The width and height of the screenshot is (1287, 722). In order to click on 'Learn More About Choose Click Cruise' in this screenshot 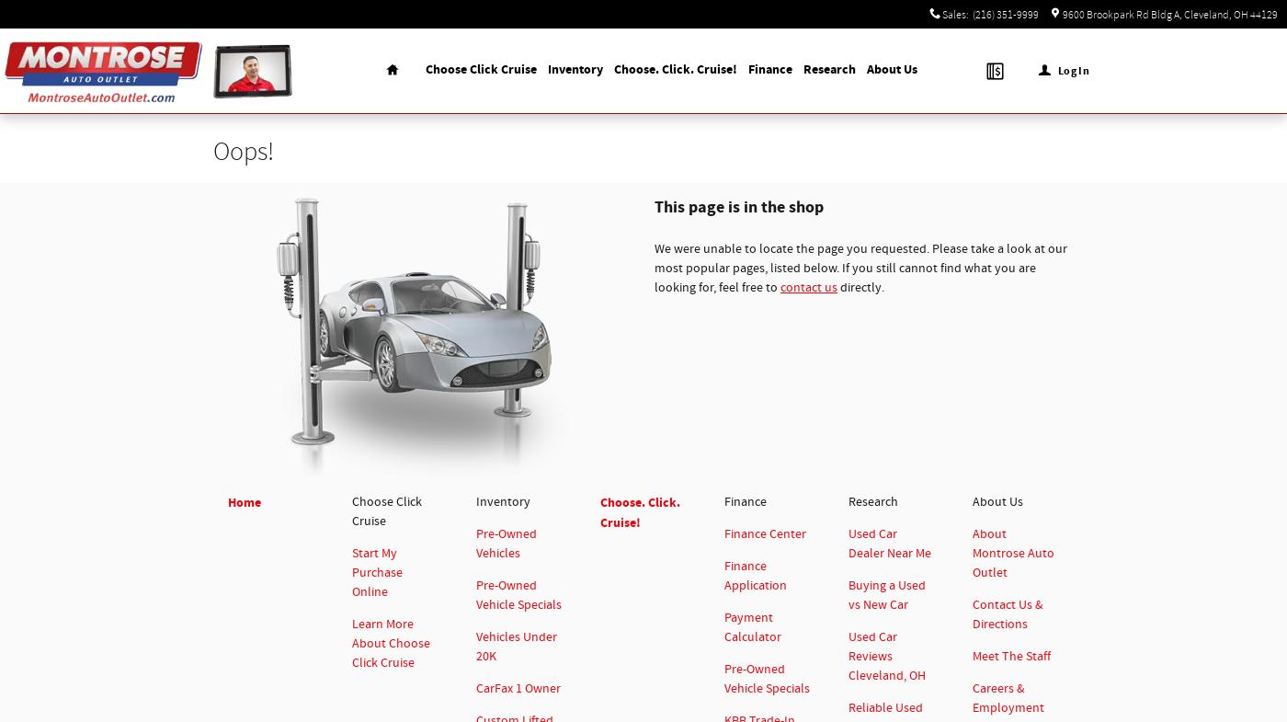, I will do `click(390, 643)`.